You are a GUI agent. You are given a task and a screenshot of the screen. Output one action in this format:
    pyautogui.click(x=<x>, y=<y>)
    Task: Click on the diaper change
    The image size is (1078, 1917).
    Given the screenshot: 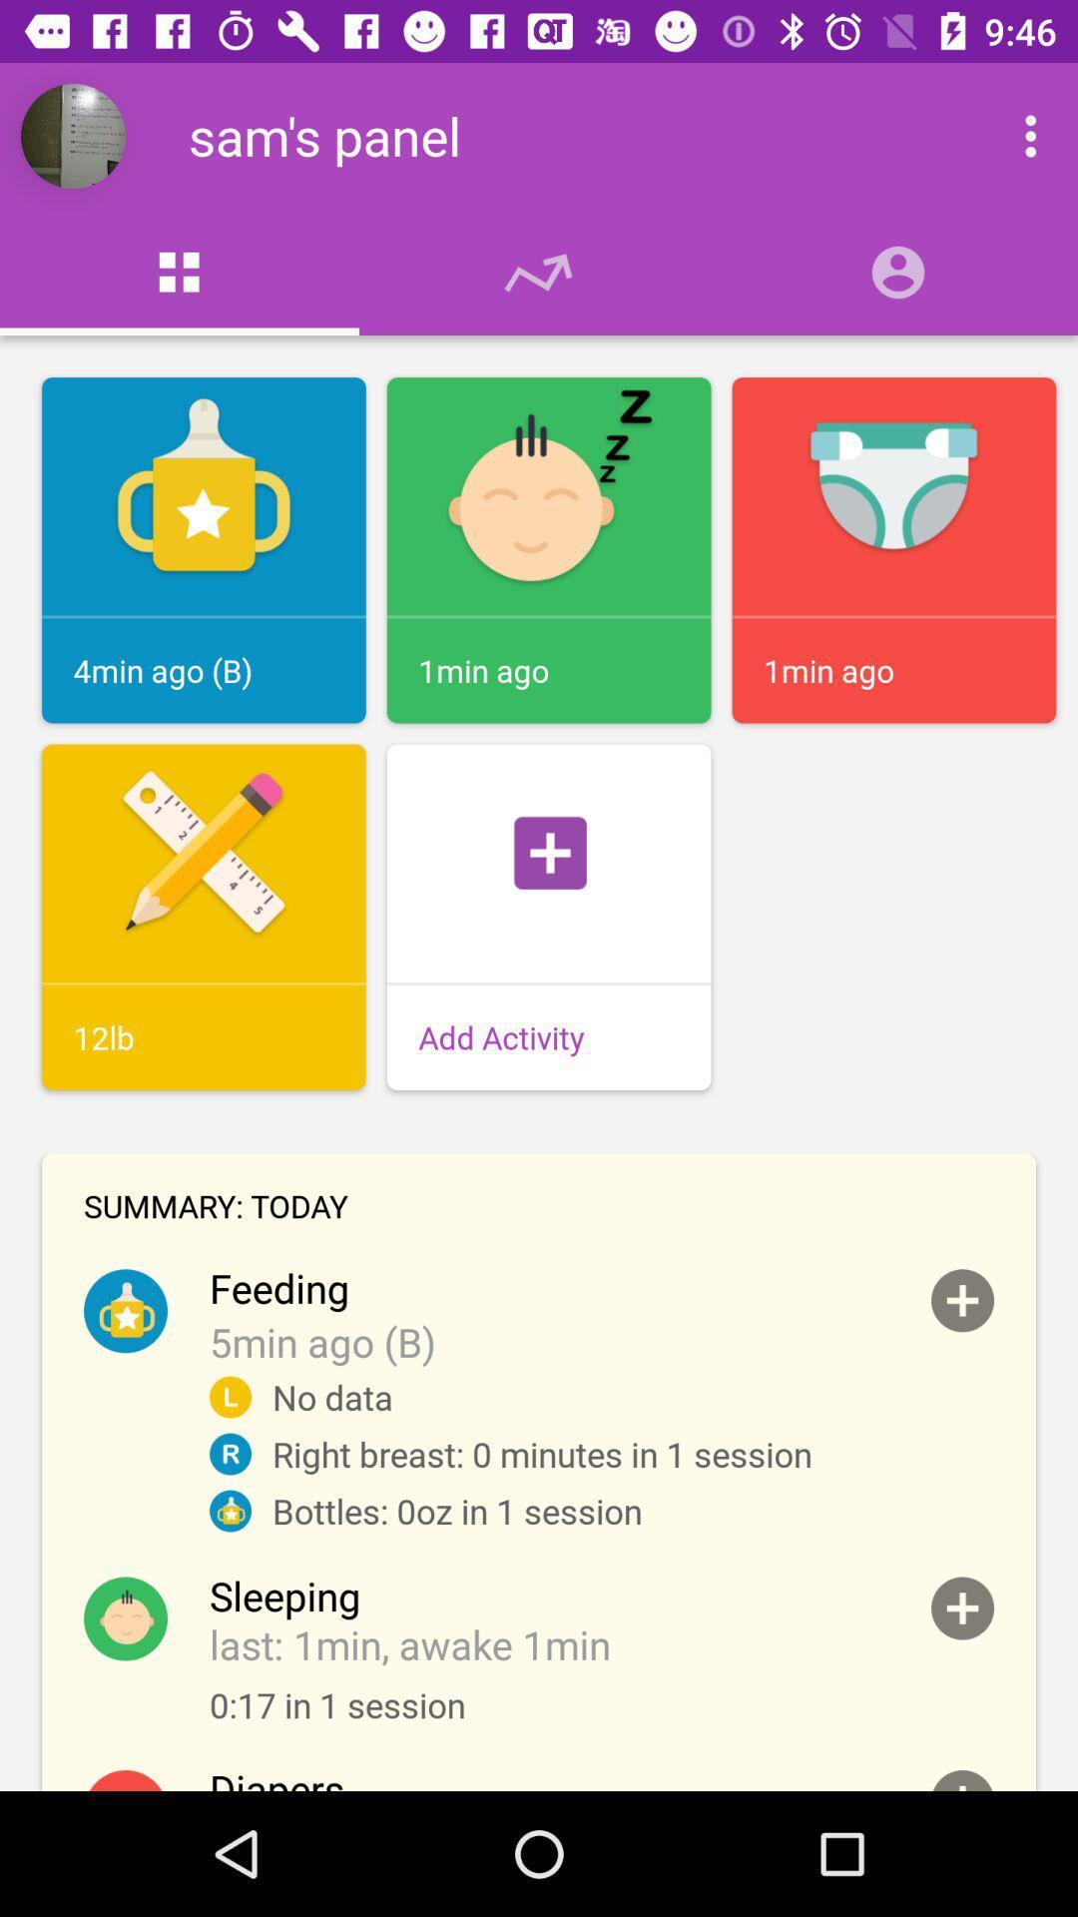 What is the action you would take?
    pyautogui.click(x=961, y=1780)
    